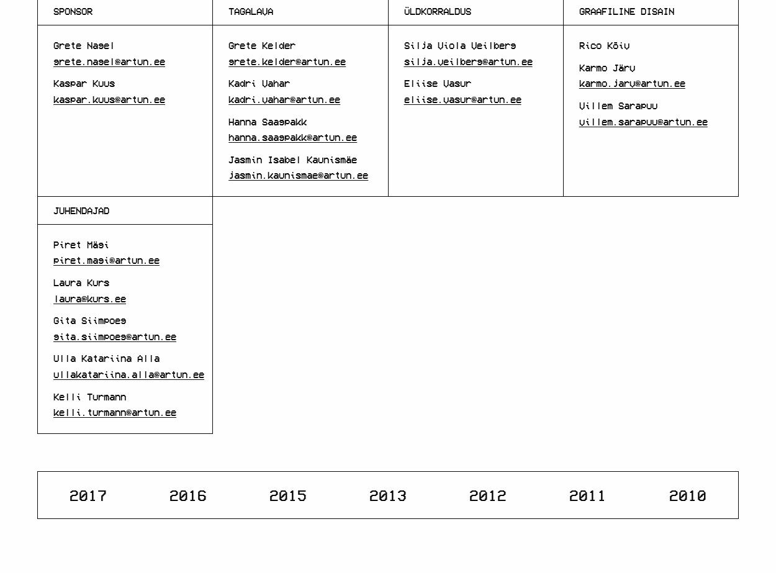  What do you see at coordinates (89, 395) in the screenshot?
I see `'Kelli Turmann'` at bounding box center [89, 395].